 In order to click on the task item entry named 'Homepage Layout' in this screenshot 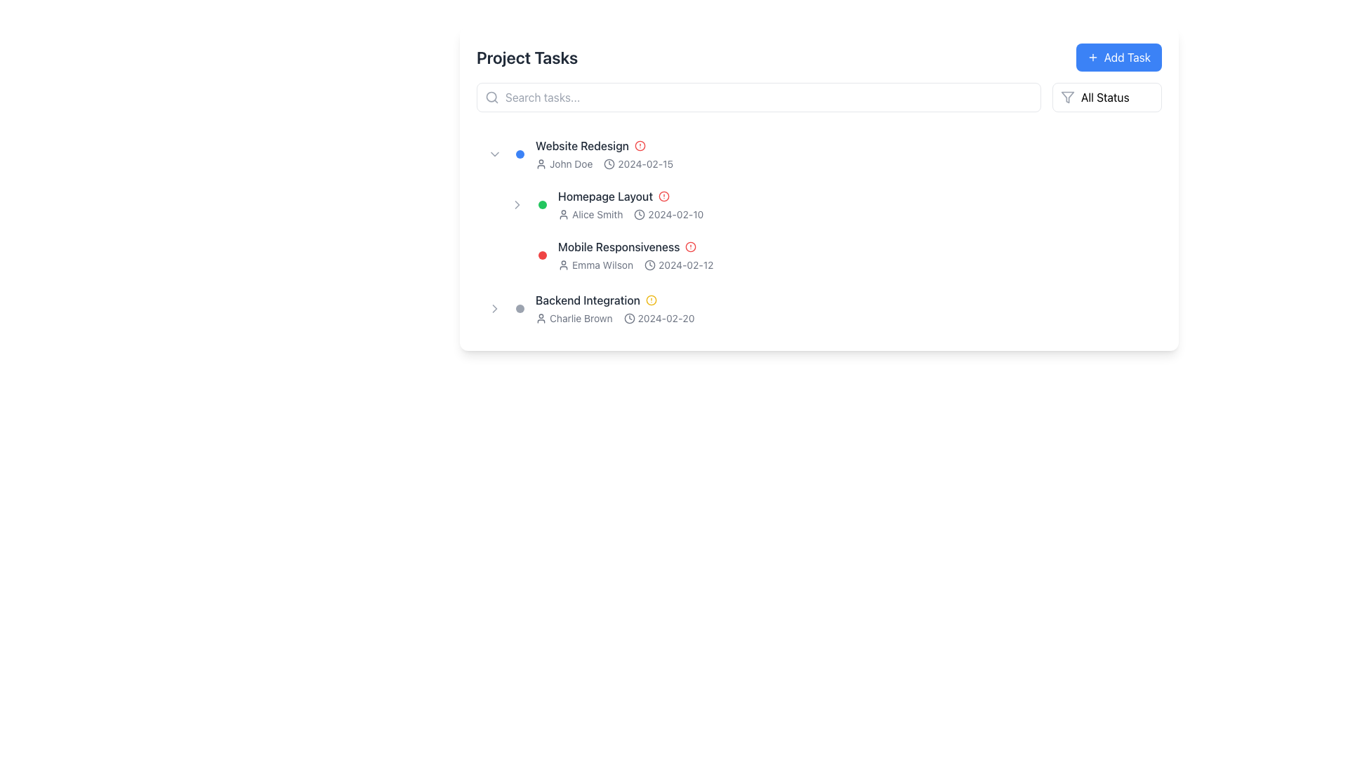, I will do `click(830, 205)`.